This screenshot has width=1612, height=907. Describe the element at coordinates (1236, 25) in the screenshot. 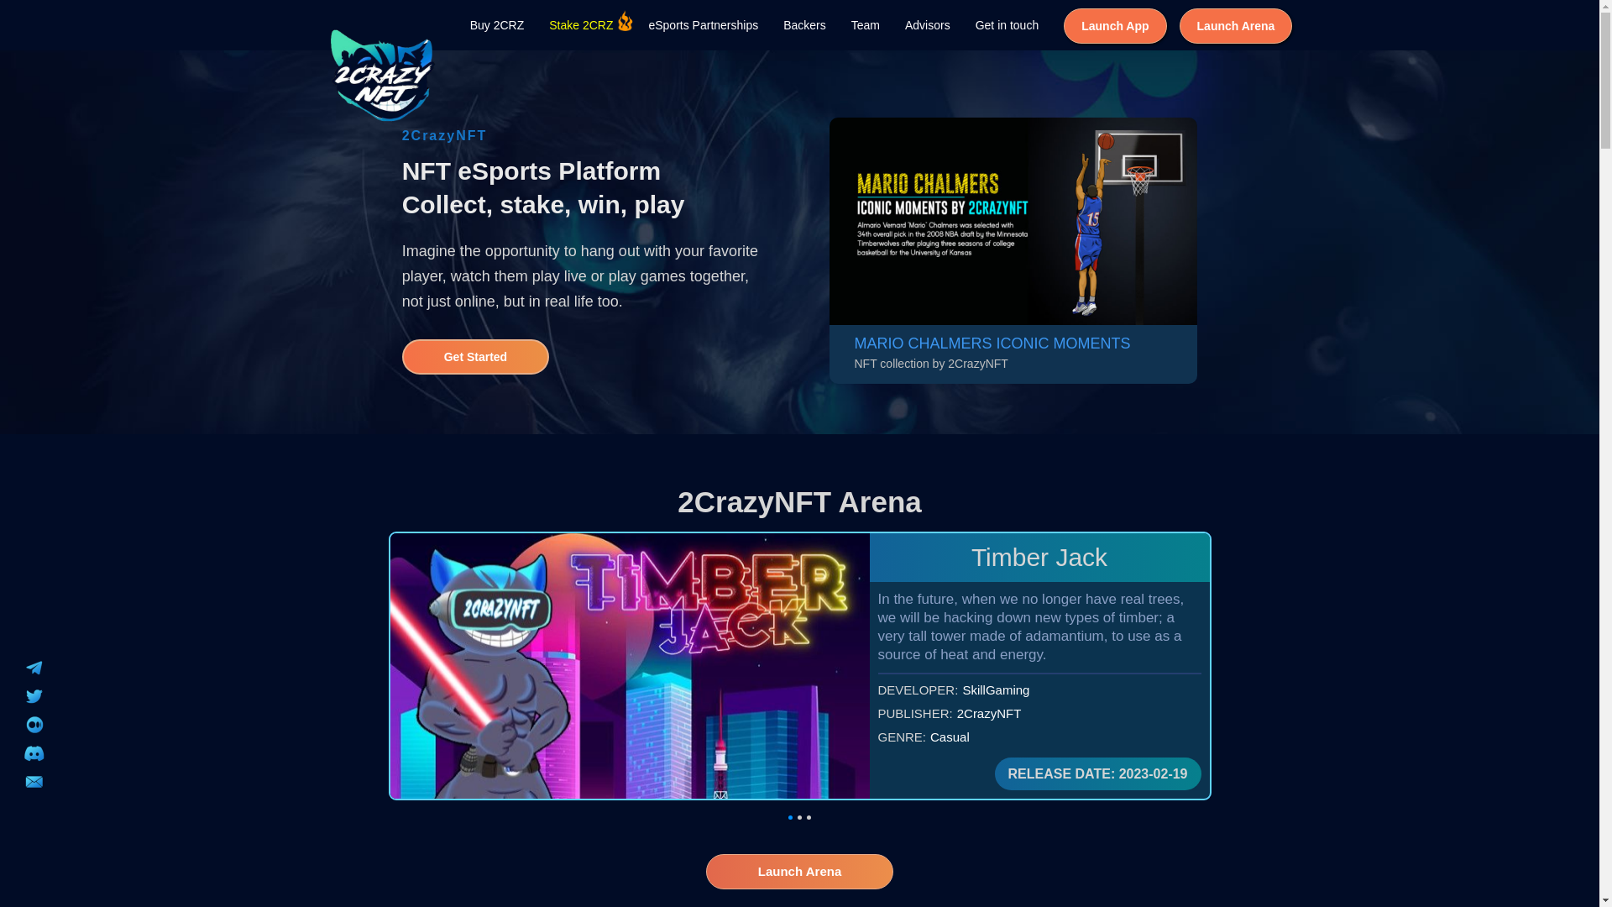

I see `'Launch Arena'` at that location.